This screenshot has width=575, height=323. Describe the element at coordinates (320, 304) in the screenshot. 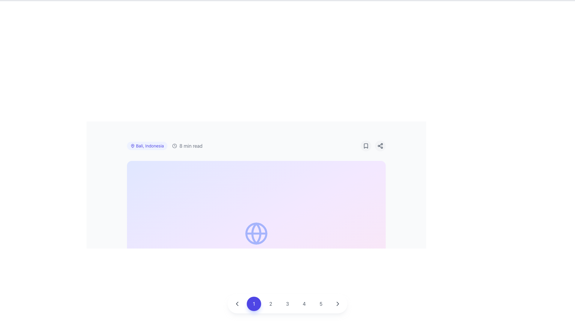

I see `the circular button displaying the number '5'` at that location.